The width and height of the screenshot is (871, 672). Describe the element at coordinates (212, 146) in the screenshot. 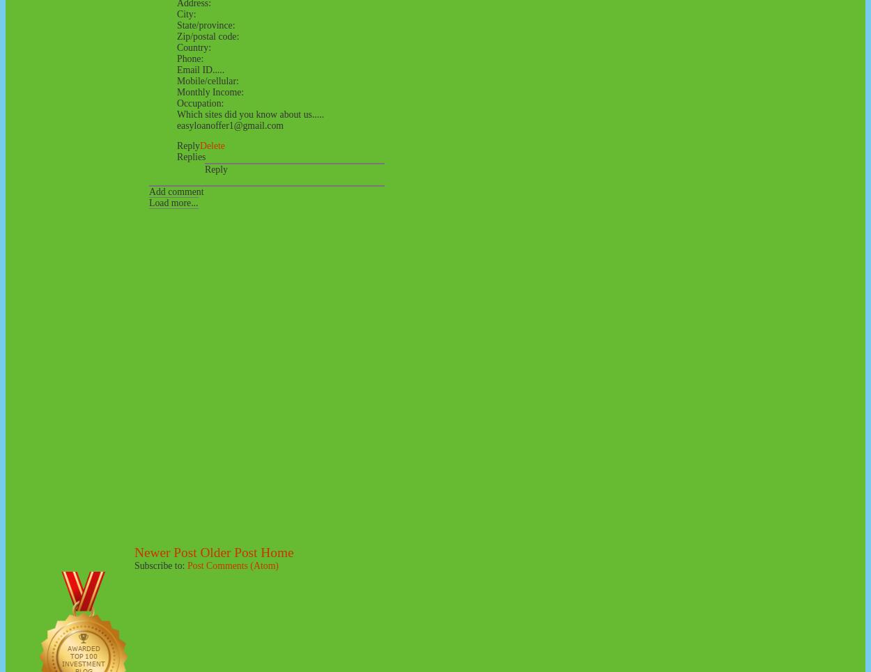

I see `'Delete'` at that location.